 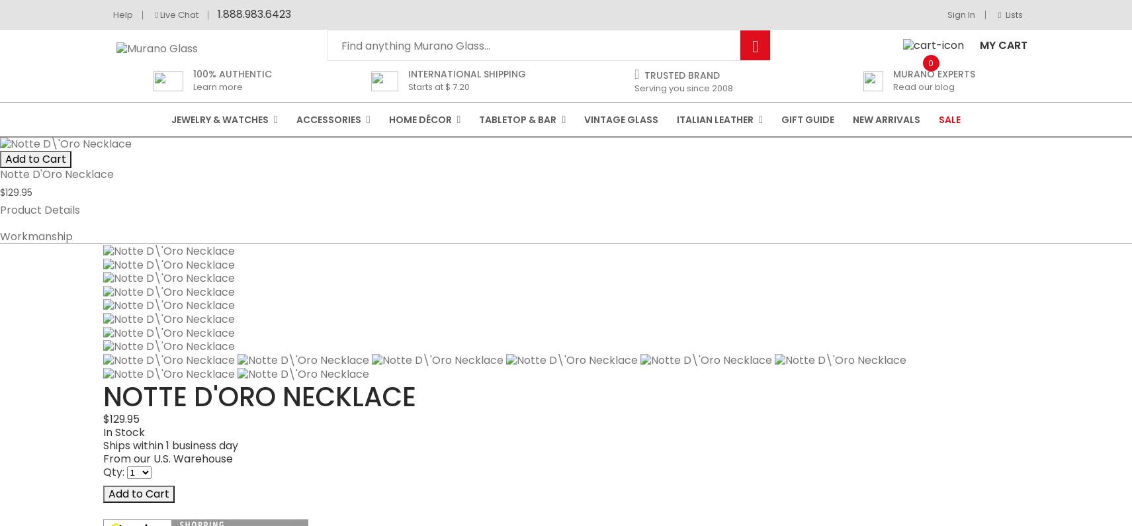 I want to click on 'Workmanship', so click(x=102, y=372).